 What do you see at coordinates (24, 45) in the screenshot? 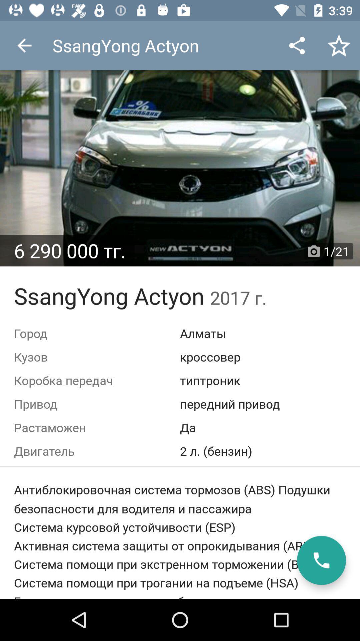
I see `the app to the left of ssangyong actyon item` at bounding box center [24, 45].